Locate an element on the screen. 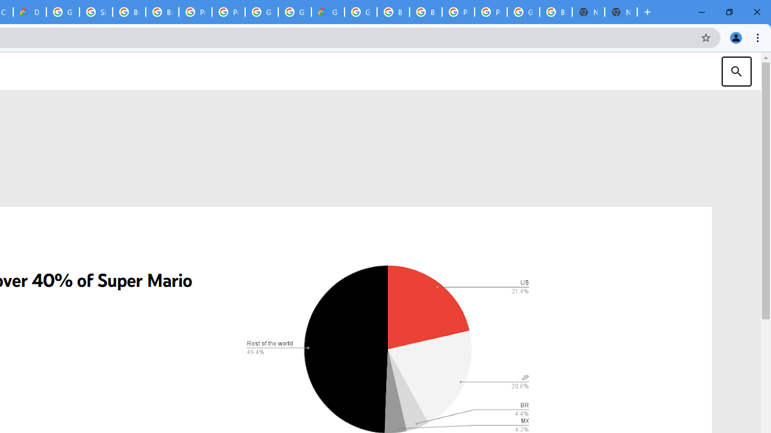  'Browse Chrome as a guest - Computer - Google Chrome Help' is located at coordinates (129, 12).